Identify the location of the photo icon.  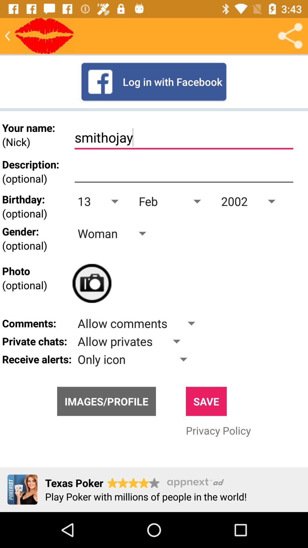
(92, 283).